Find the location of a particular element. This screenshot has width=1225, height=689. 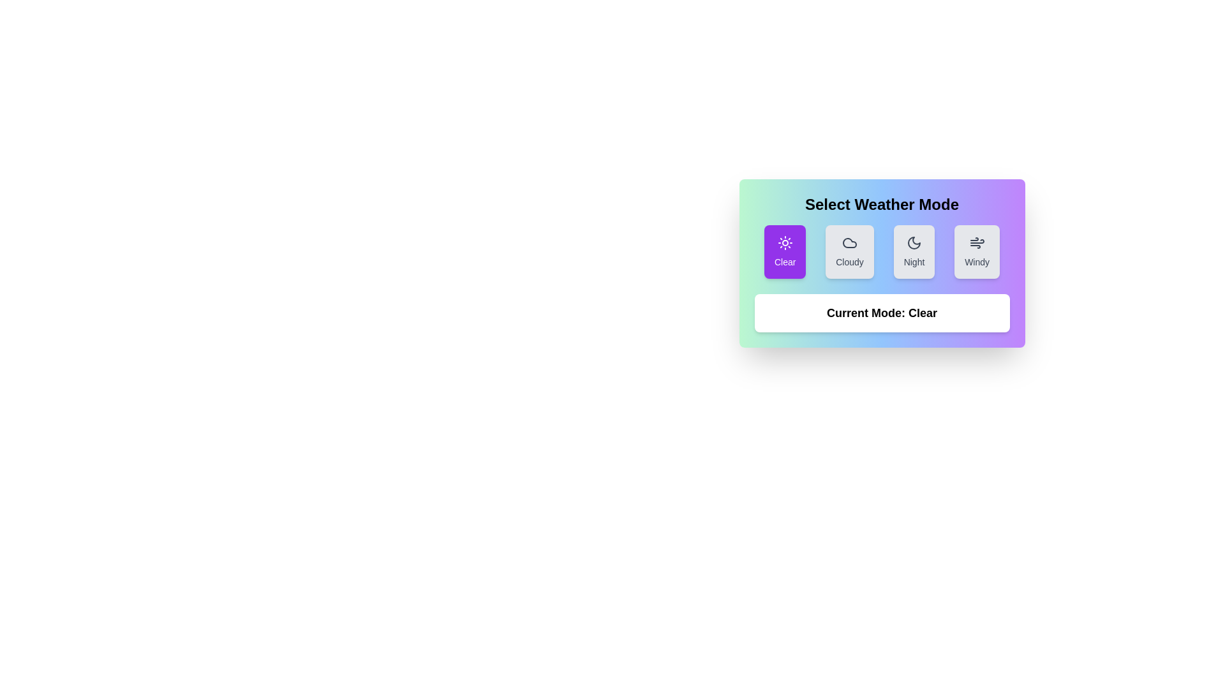

the wind symbol icon located at the top center of the 'Windy' button within the weather mode buttons group is located at coordinates (976, 243).